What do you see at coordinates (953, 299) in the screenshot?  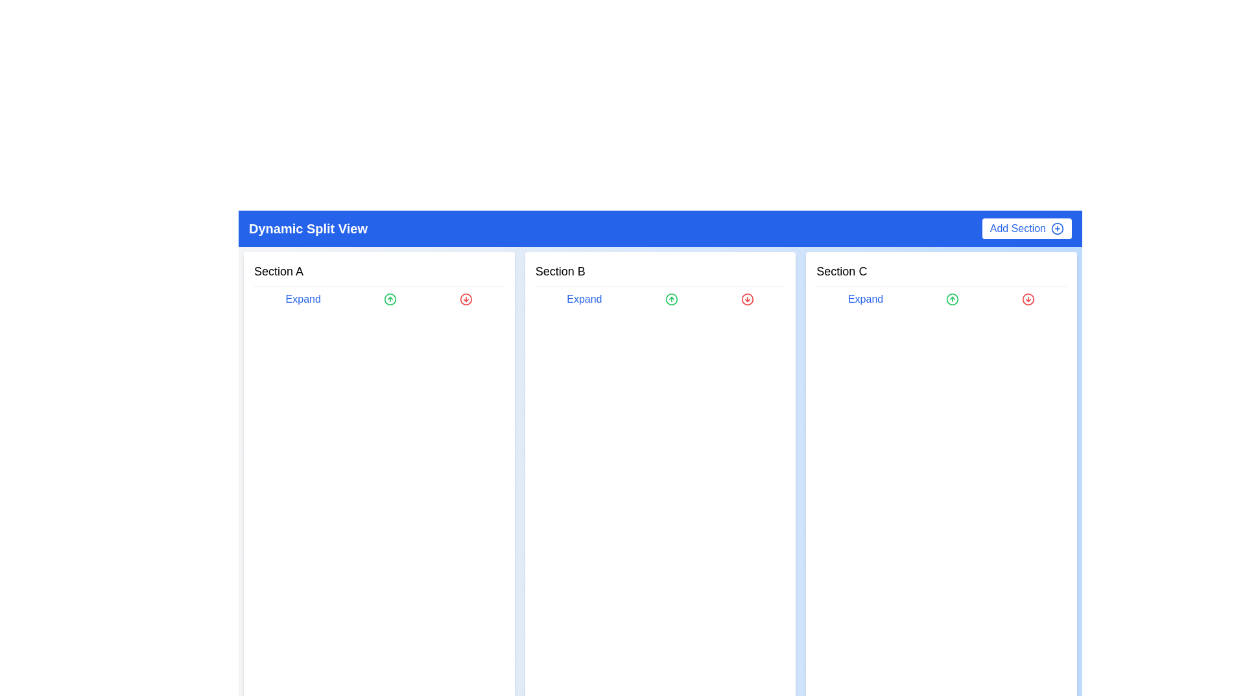 I see `the button located in 'Section C', to the right of 'Expand' and left of the red circular down-arrow icon` at bounding box center [953, 299].